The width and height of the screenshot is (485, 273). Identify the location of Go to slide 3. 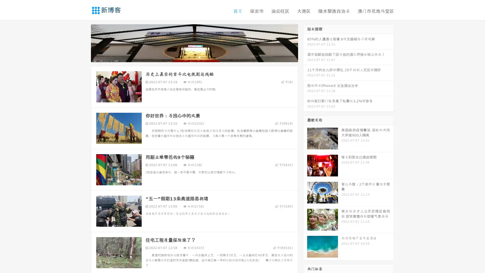
(199, 57).